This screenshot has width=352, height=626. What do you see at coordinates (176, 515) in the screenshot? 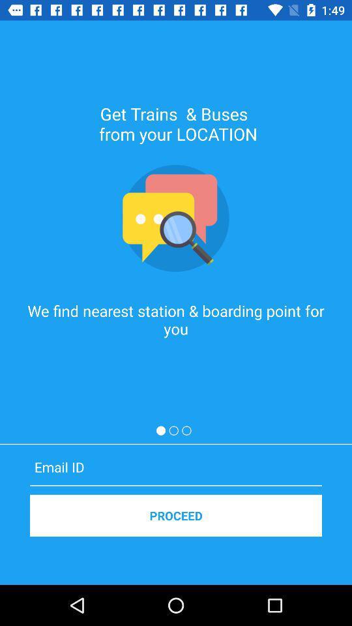
I see `the proceed icon` at bounding box center [176, 515].